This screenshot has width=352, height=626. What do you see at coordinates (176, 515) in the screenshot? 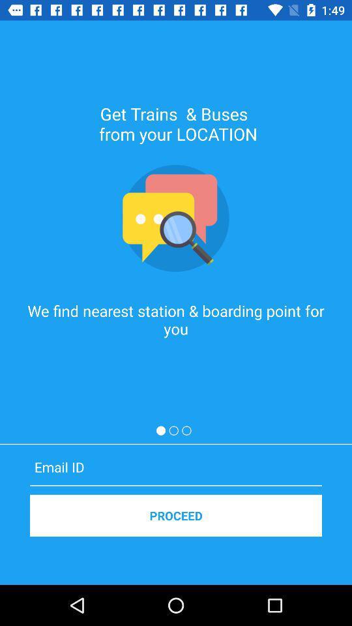
I see `the proceed icon` at bounding box center [176, 515].